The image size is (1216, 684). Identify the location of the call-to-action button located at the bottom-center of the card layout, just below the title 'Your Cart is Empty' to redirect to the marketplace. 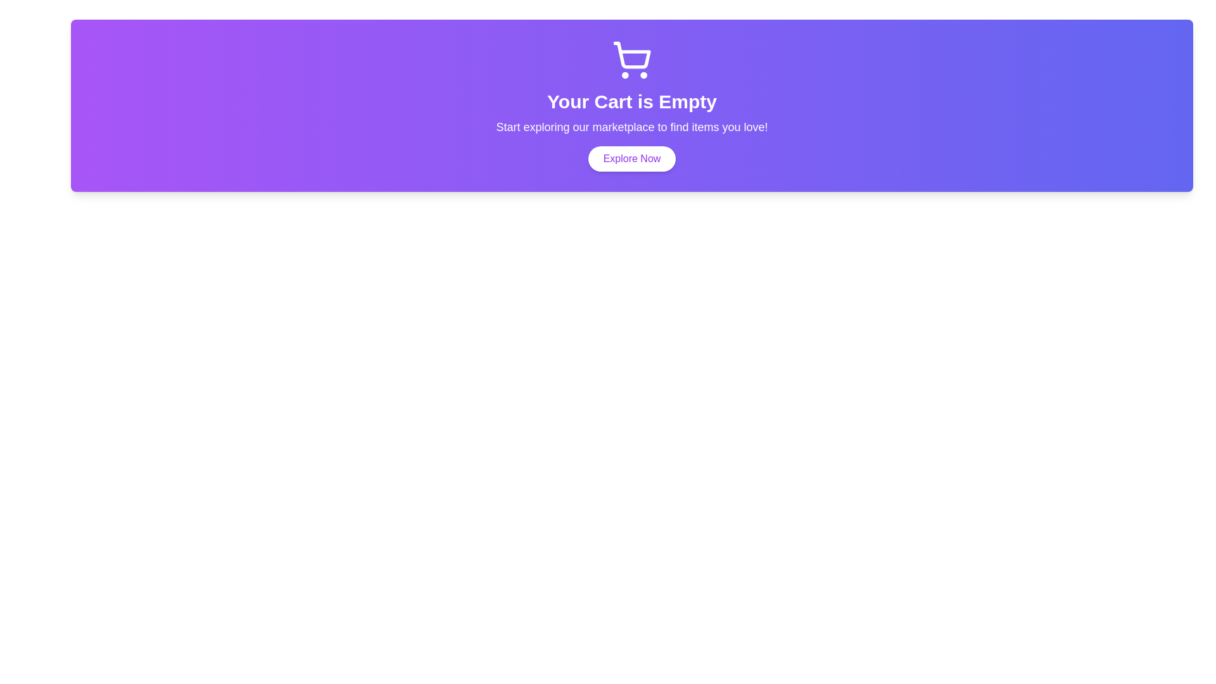
(632, 158).